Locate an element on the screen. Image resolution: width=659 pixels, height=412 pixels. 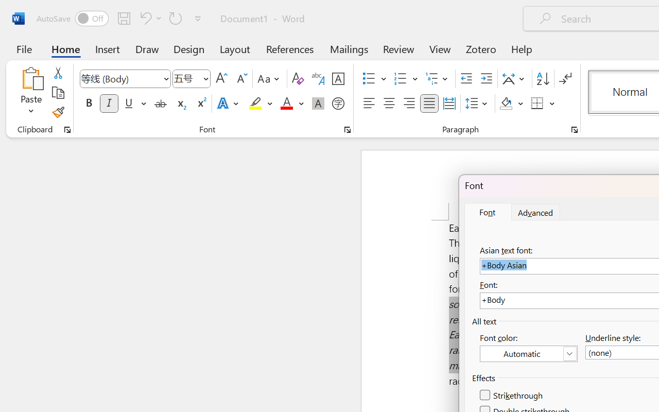
'Grow Font' is located at coordinates (221, 79).